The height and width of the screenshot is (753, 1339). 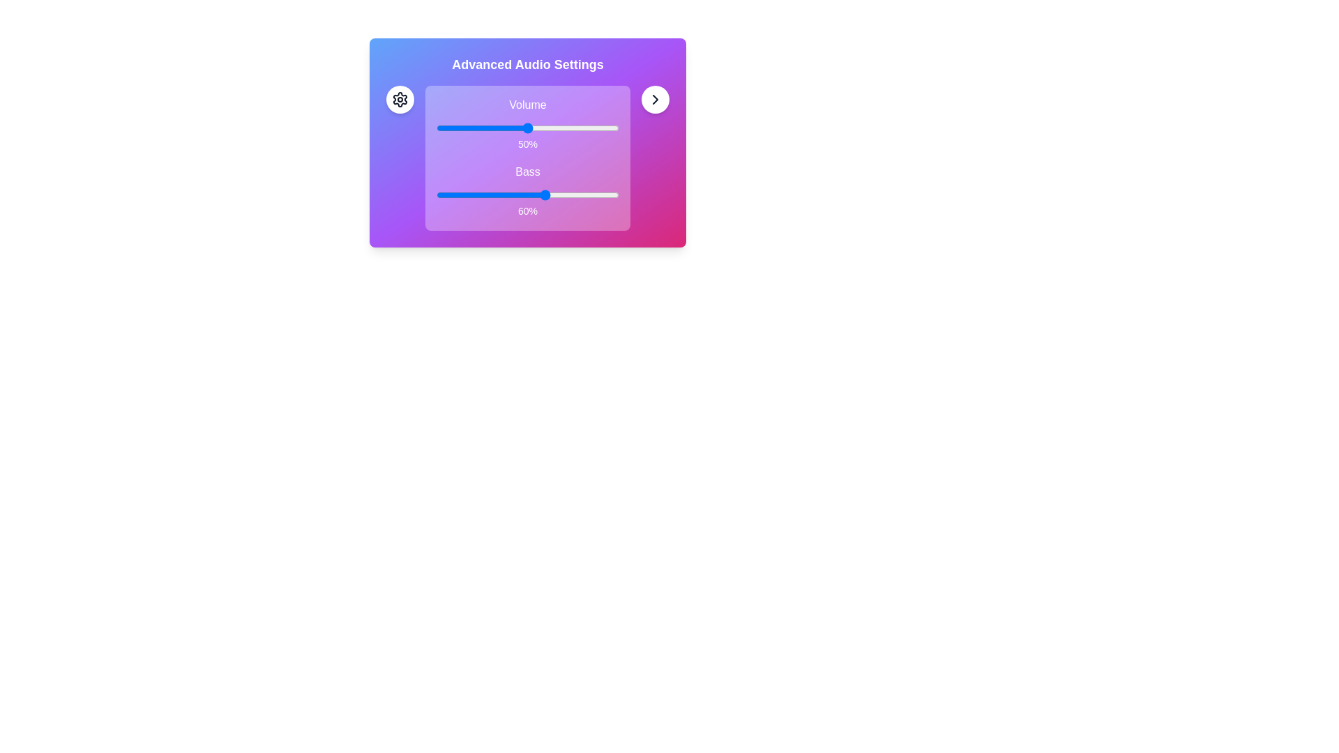 I want to click on right arrow button to proceed to the next screen, so click(x=655, y=98).